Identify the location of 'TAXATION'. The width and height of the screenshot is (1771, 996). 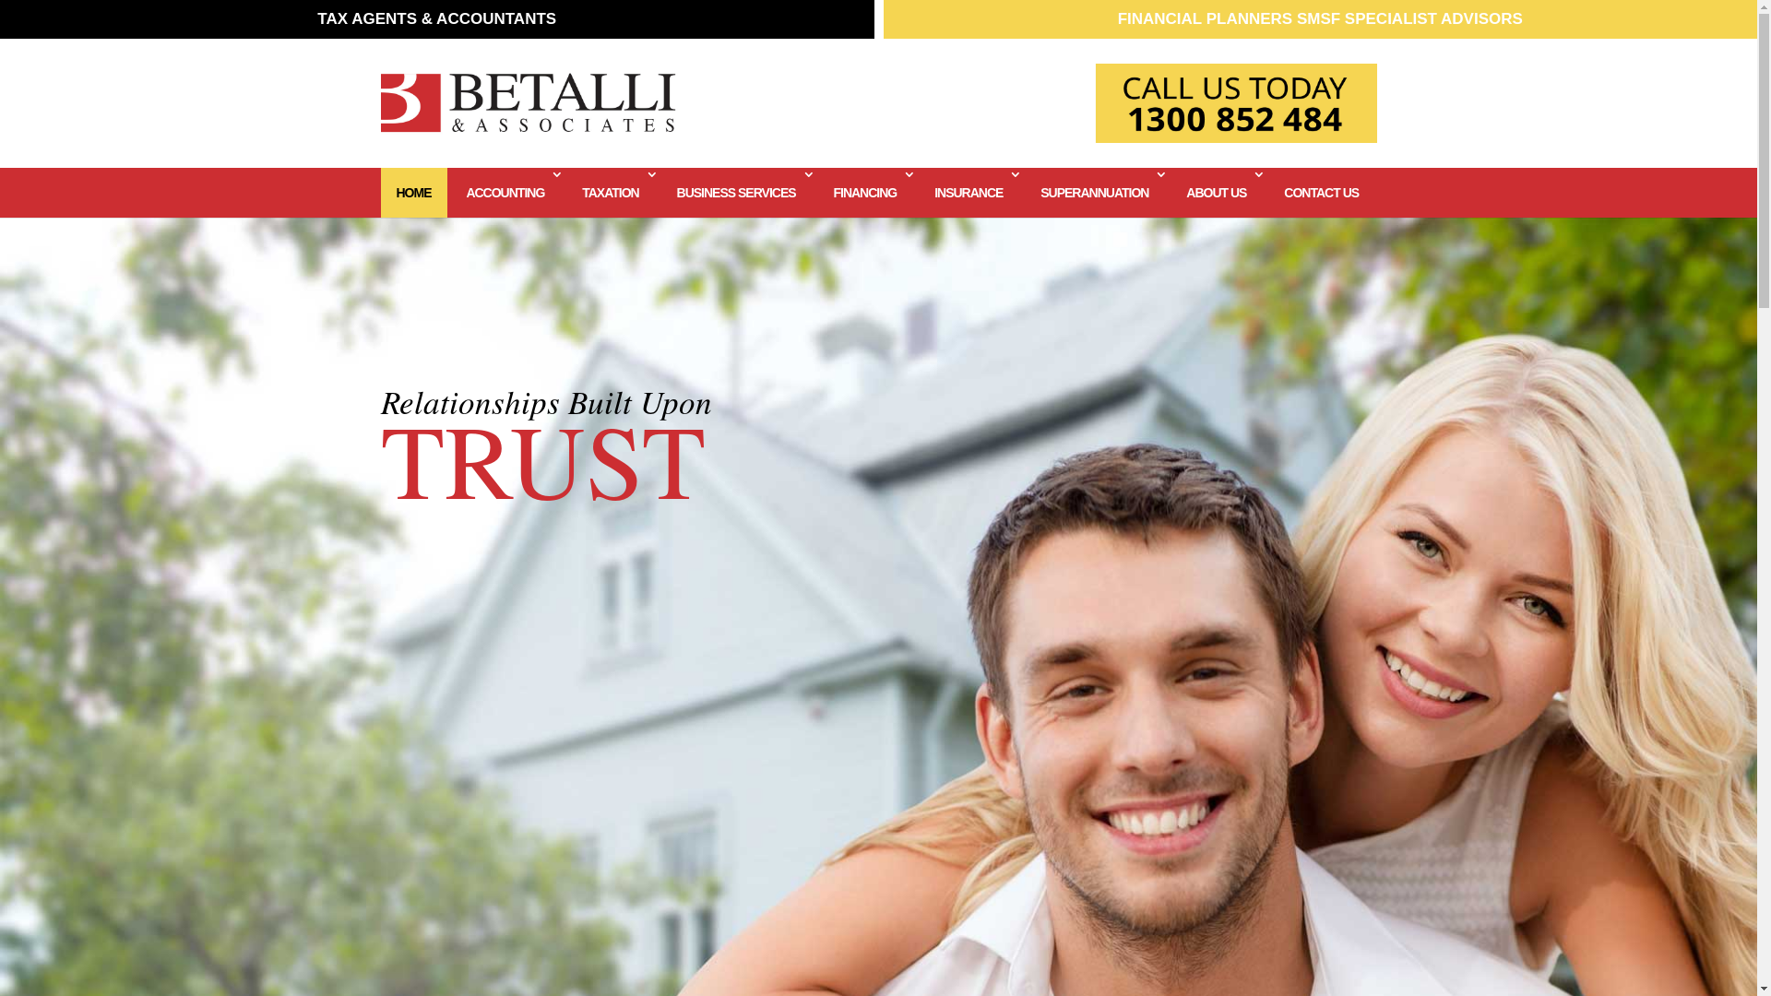
(565, 192).